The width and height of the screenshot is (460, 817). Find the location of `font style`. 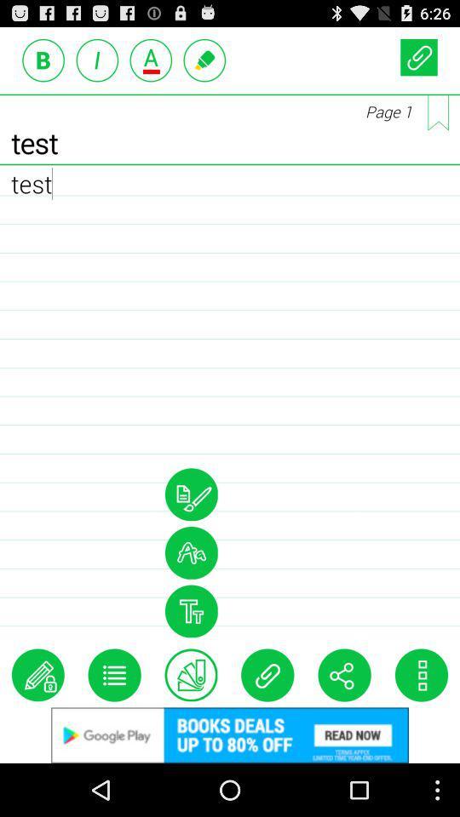

font style is located at coordinates (97, 60).